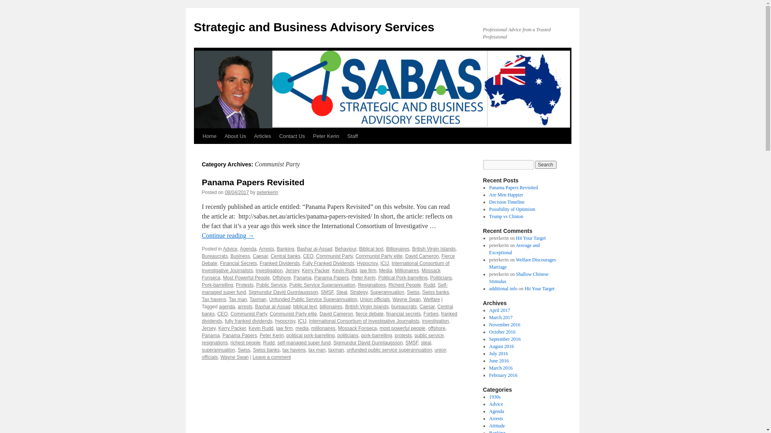 The image size is (771, 433). What do you see at coordinates (248, 314) in the screenshot?
I see `'Communist Party'` at bounding box center [248, 314].